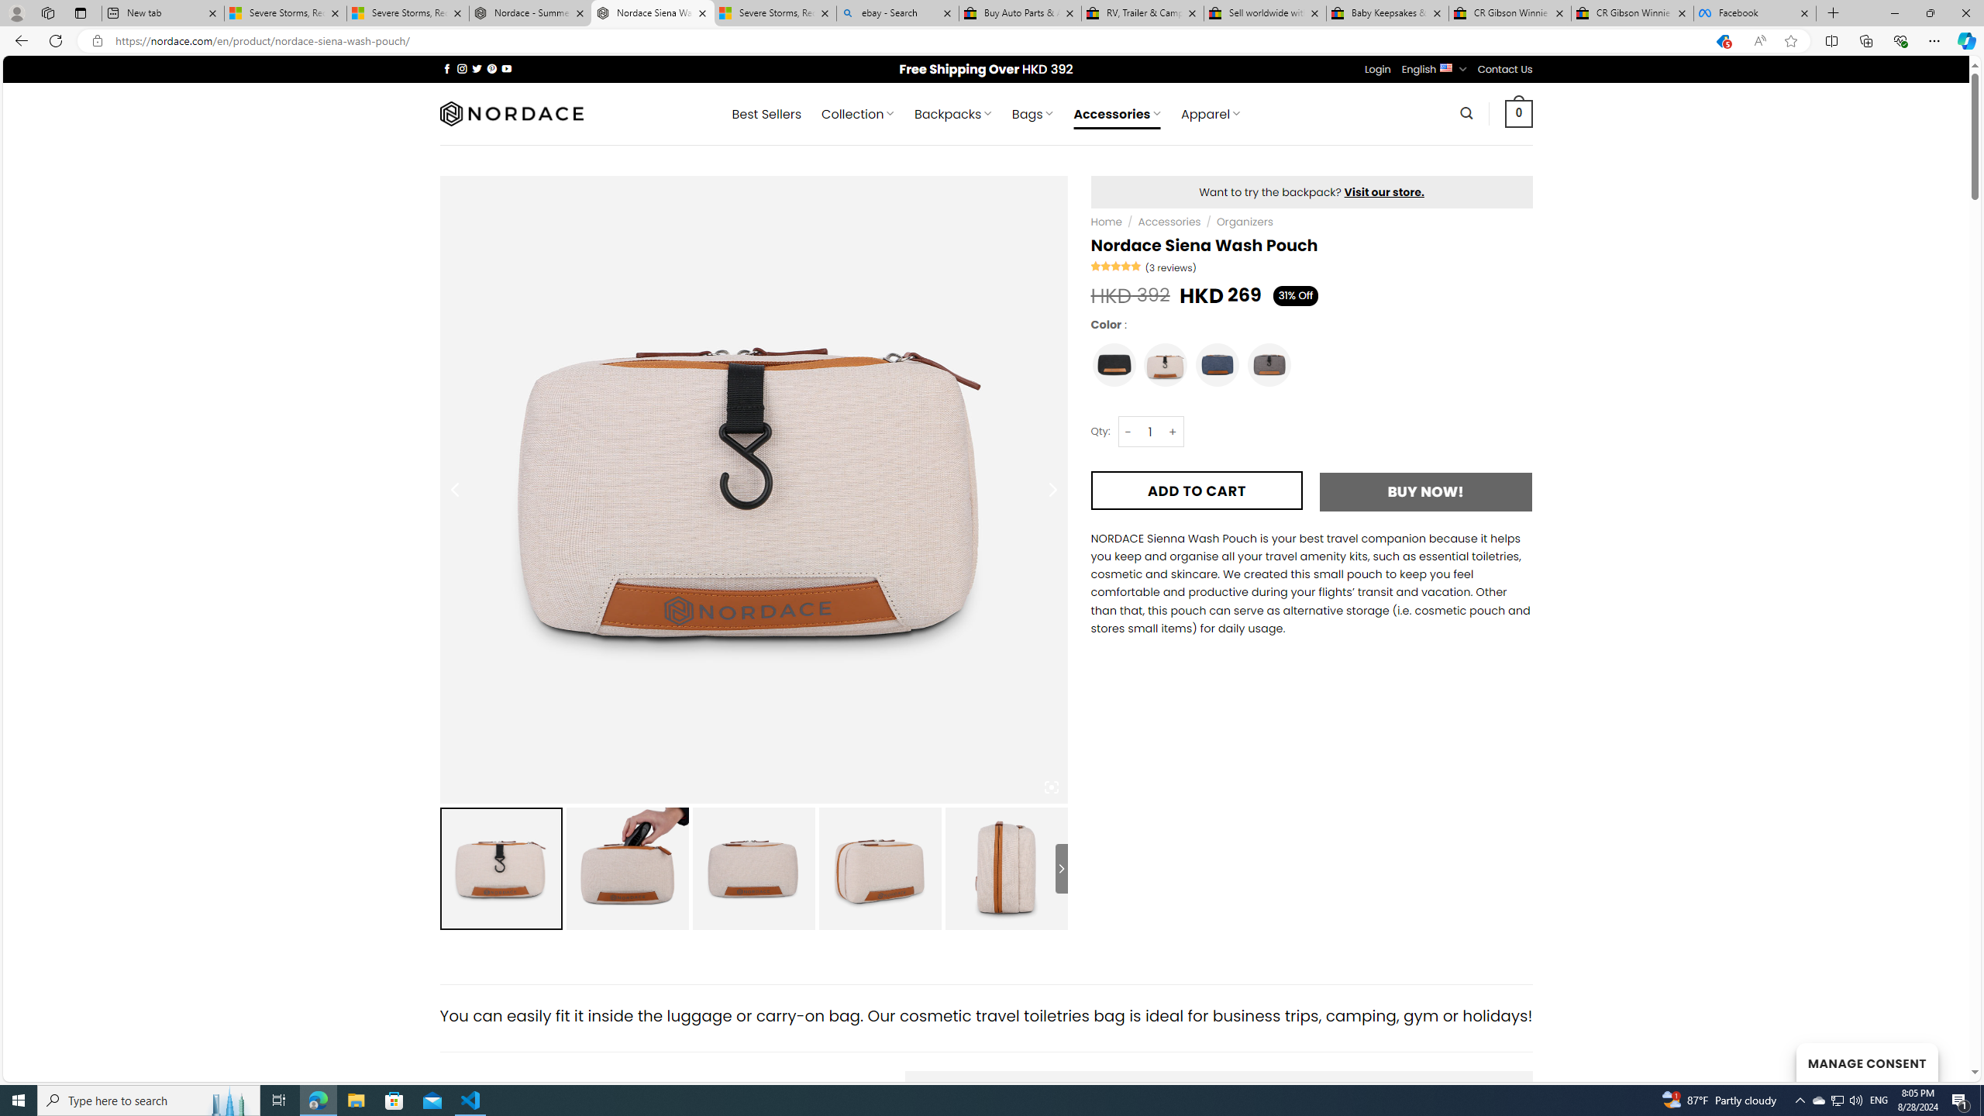 This screenshot has height=1116, width=1984. Describe the element at coordinates (1245, 222) in the screenshot. I see `'Organizers'` at that location.